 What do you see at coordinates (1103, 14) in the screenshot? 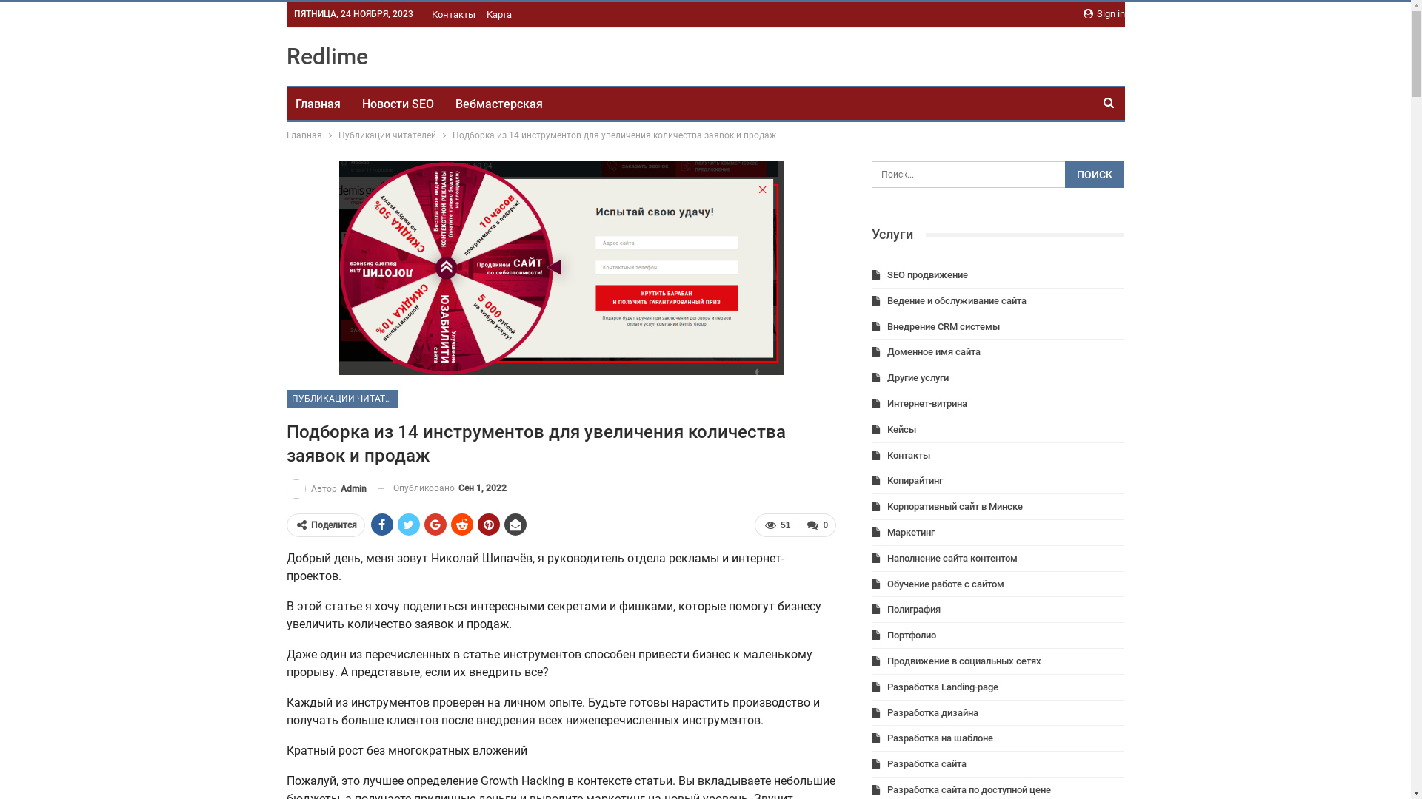
I see `'Sign in'` at bounding box center [1103, 14].